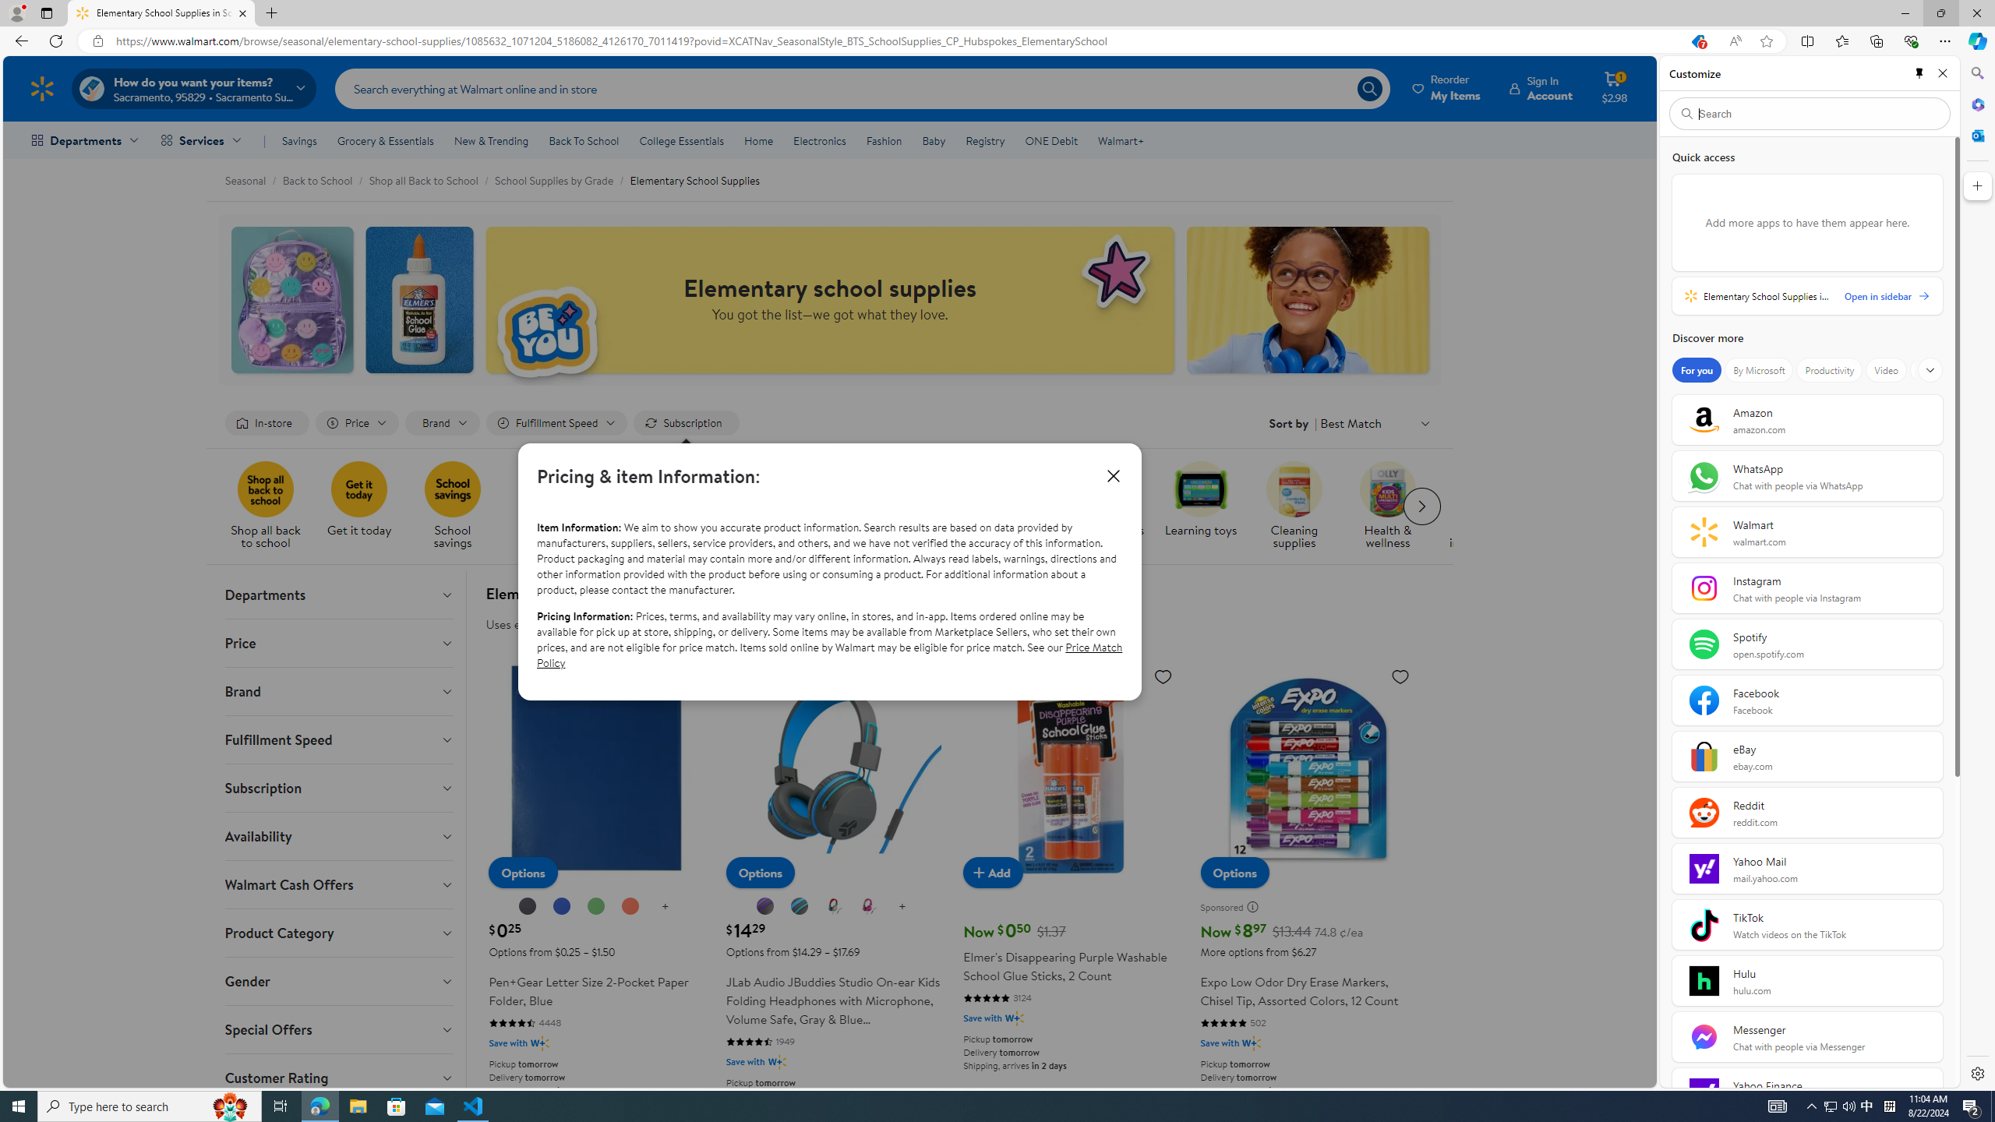 Image resolution: width=1995 pixels, height=1122 pixels. I want to click on 'For you', so click(1696, 369).